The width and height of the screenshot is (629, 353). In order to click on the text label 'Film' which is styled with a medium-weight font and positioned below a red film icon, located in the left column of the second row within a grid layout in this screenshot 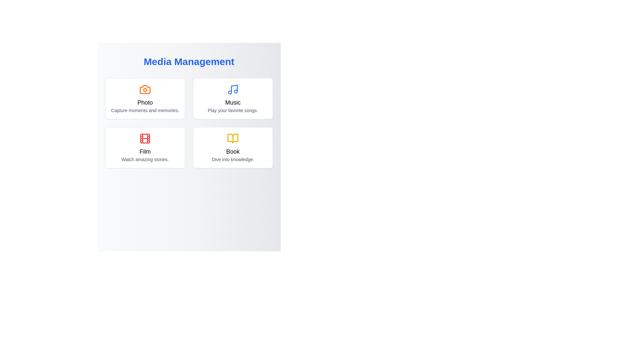, I will do `click(144, 151)`.